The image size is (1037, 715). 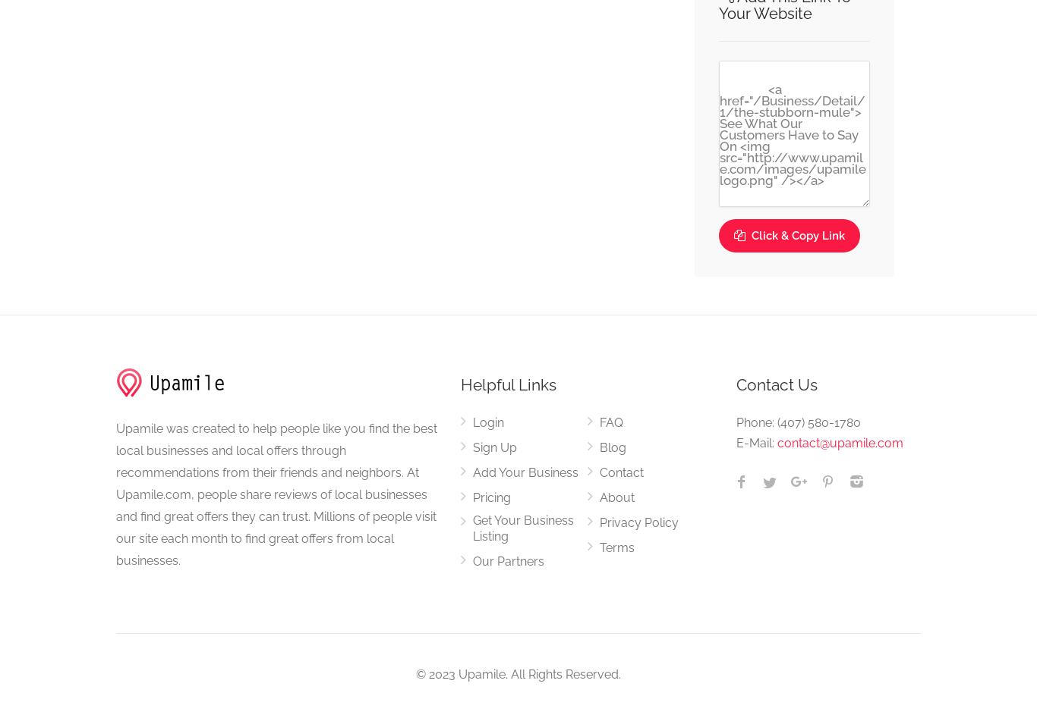 I want to click on 'Phone:', so click(x=757, y=422).